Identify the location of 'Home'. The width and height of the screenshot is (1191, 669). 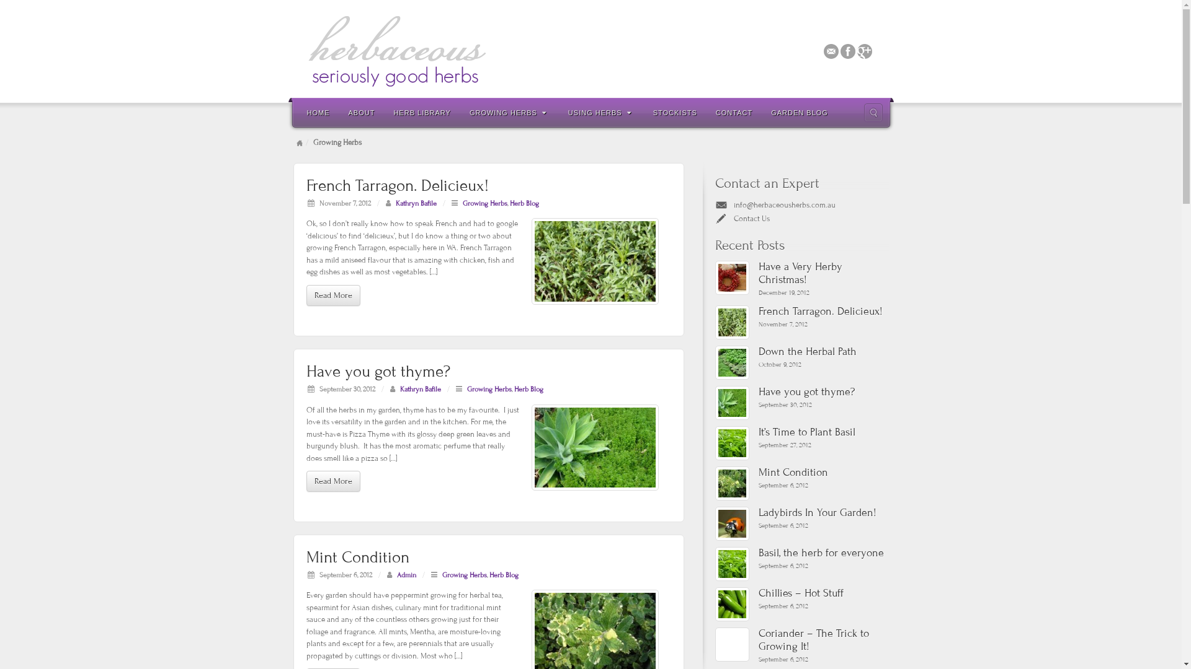
(300, 142).